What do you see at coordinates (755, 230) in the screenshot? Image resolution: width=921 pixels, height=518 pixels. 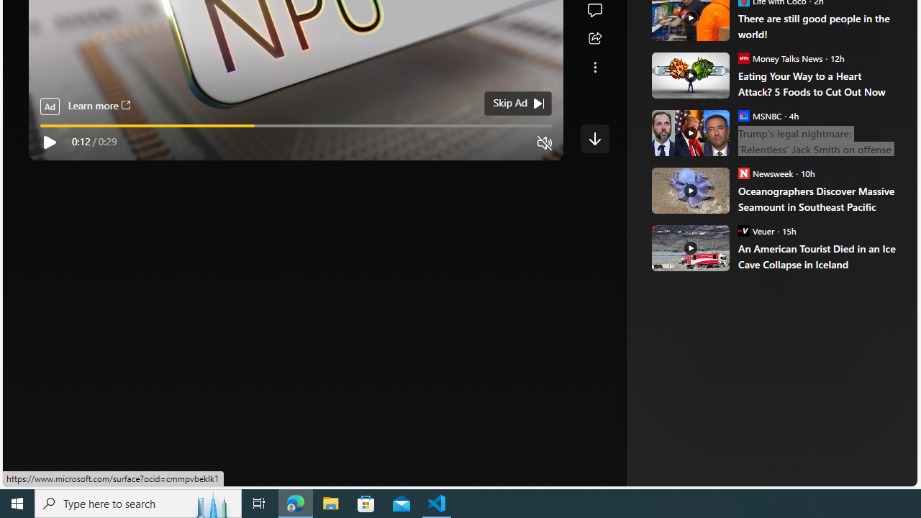 I see `'Veuer Veuer'` at bounding box center [755, 230].